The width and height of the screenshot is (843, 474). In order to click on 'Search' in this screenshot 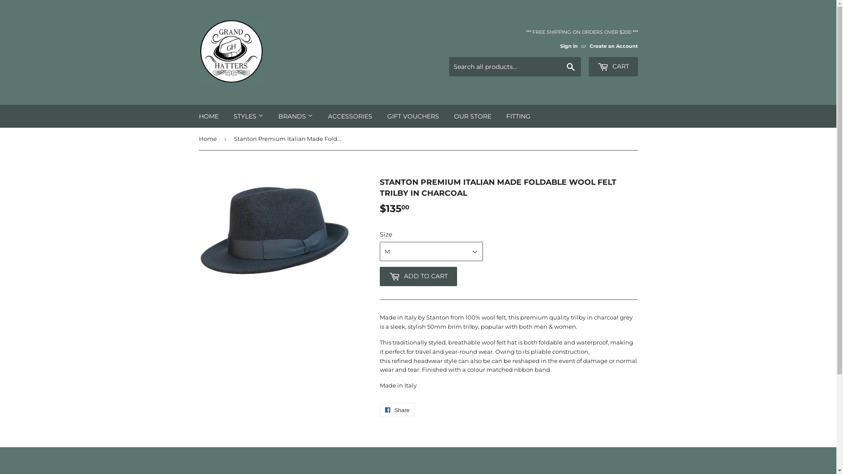, I will do `click(560, 67)`.